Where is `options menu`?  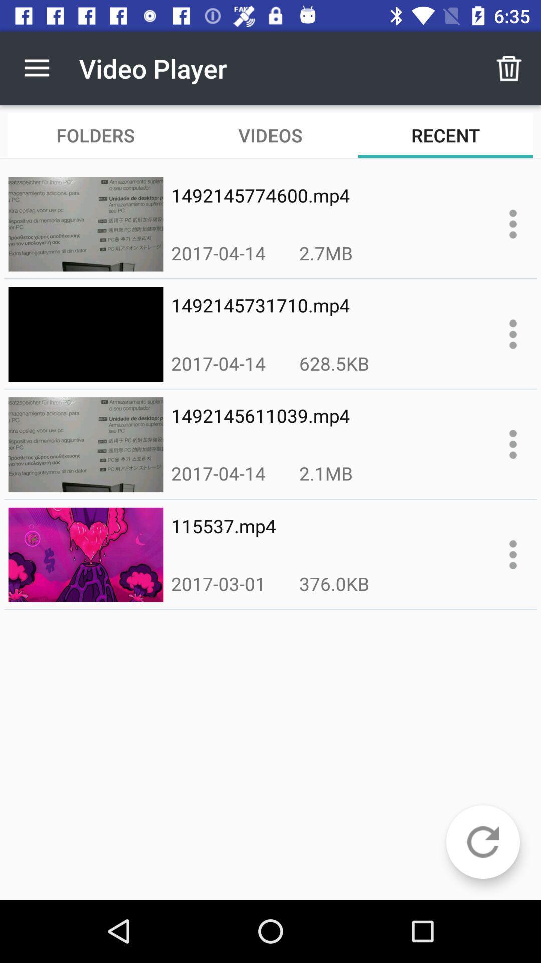
options menu is located at coordinates (513, 444).